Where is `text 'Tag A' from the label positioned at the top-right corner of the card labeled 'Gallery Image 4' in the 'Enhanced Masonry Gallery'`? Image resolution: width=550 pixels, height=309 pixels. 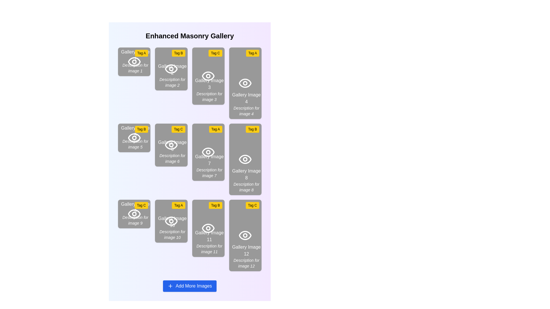
text 'Tag A' from the label positioned at the top-right corner of the card labeled 'Gallery Image 4' in the 'Enhanced Masonry Gallery' is located at coordinates (252, 53).